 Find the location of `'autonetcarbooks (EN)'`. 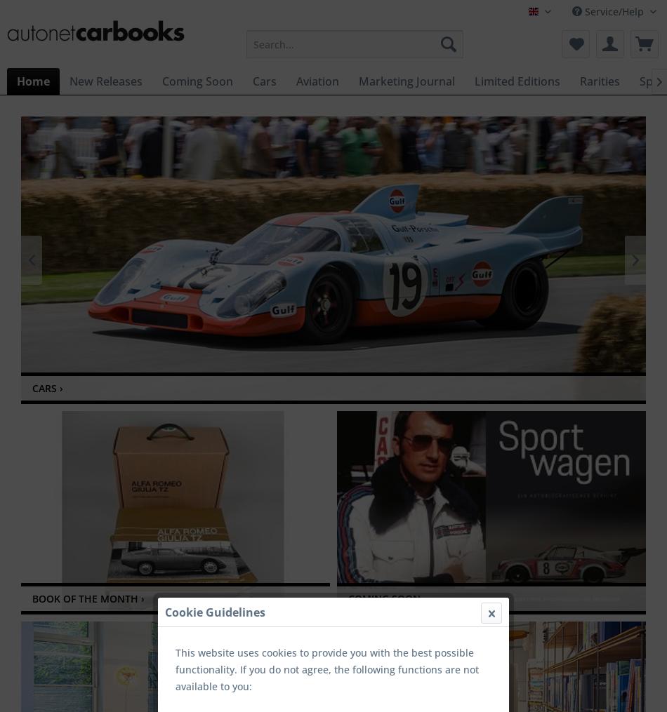

'autonetcarbooks (EN)' is located at coordinates (588, 15).